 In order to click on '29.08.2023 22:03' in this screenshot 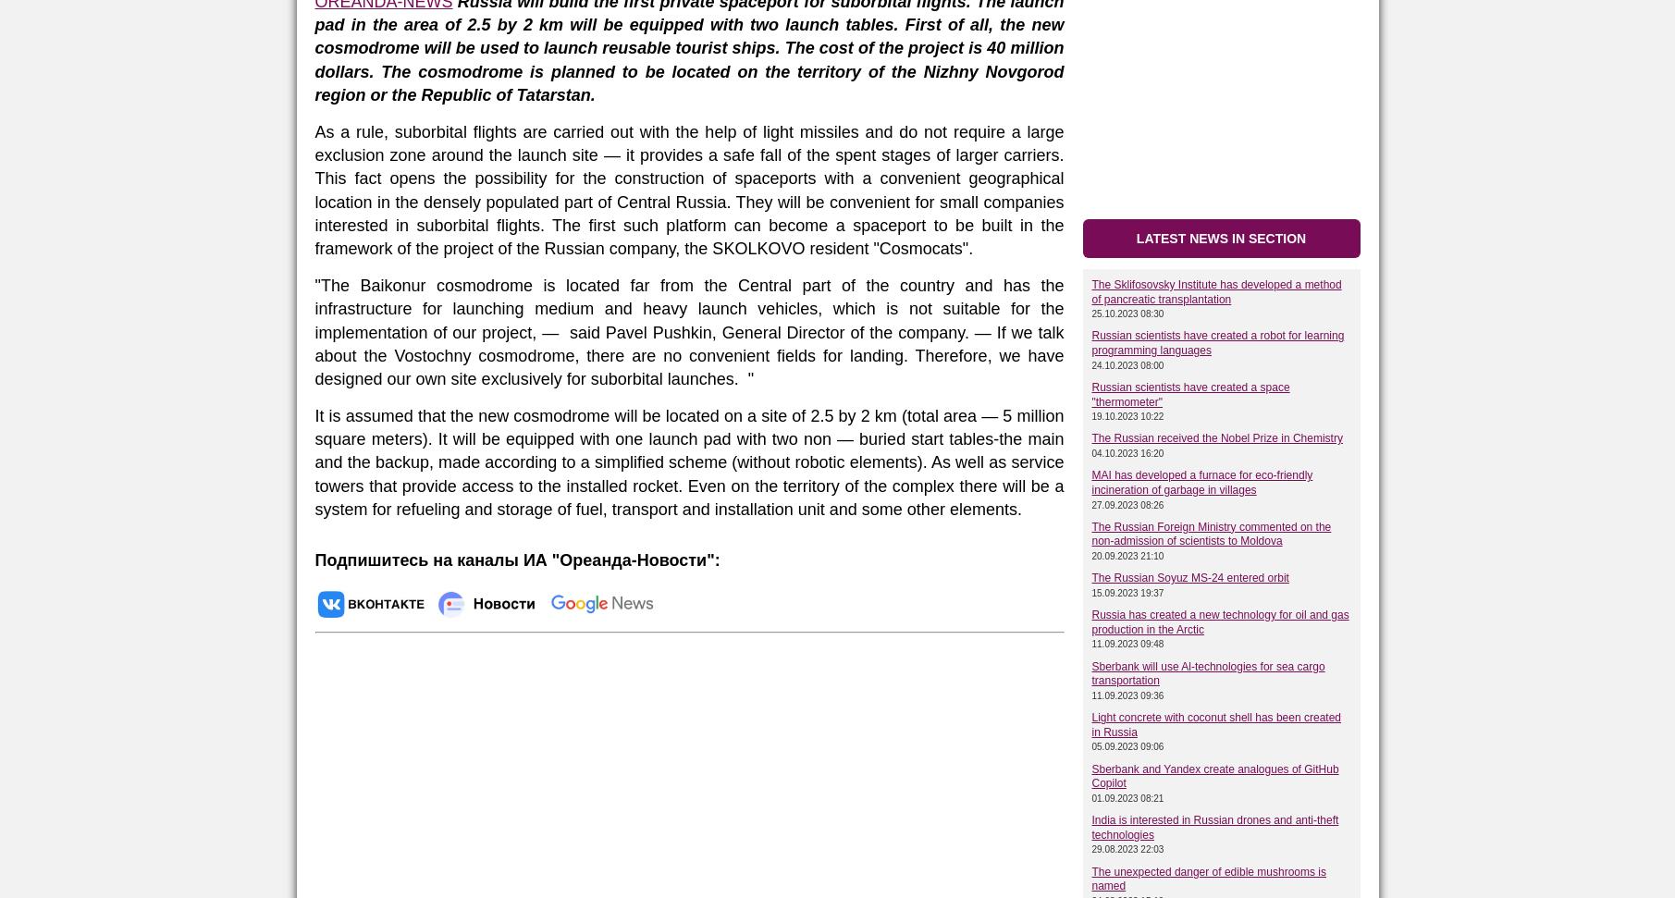, I will do `click(1127, 848)`.